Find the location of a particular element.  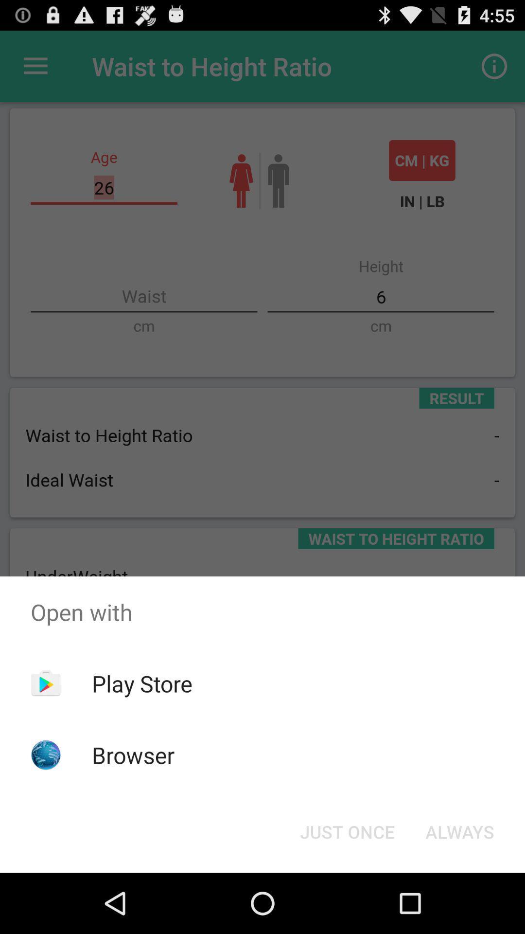

the app below the open with icon is located at coordinates (459, 831).